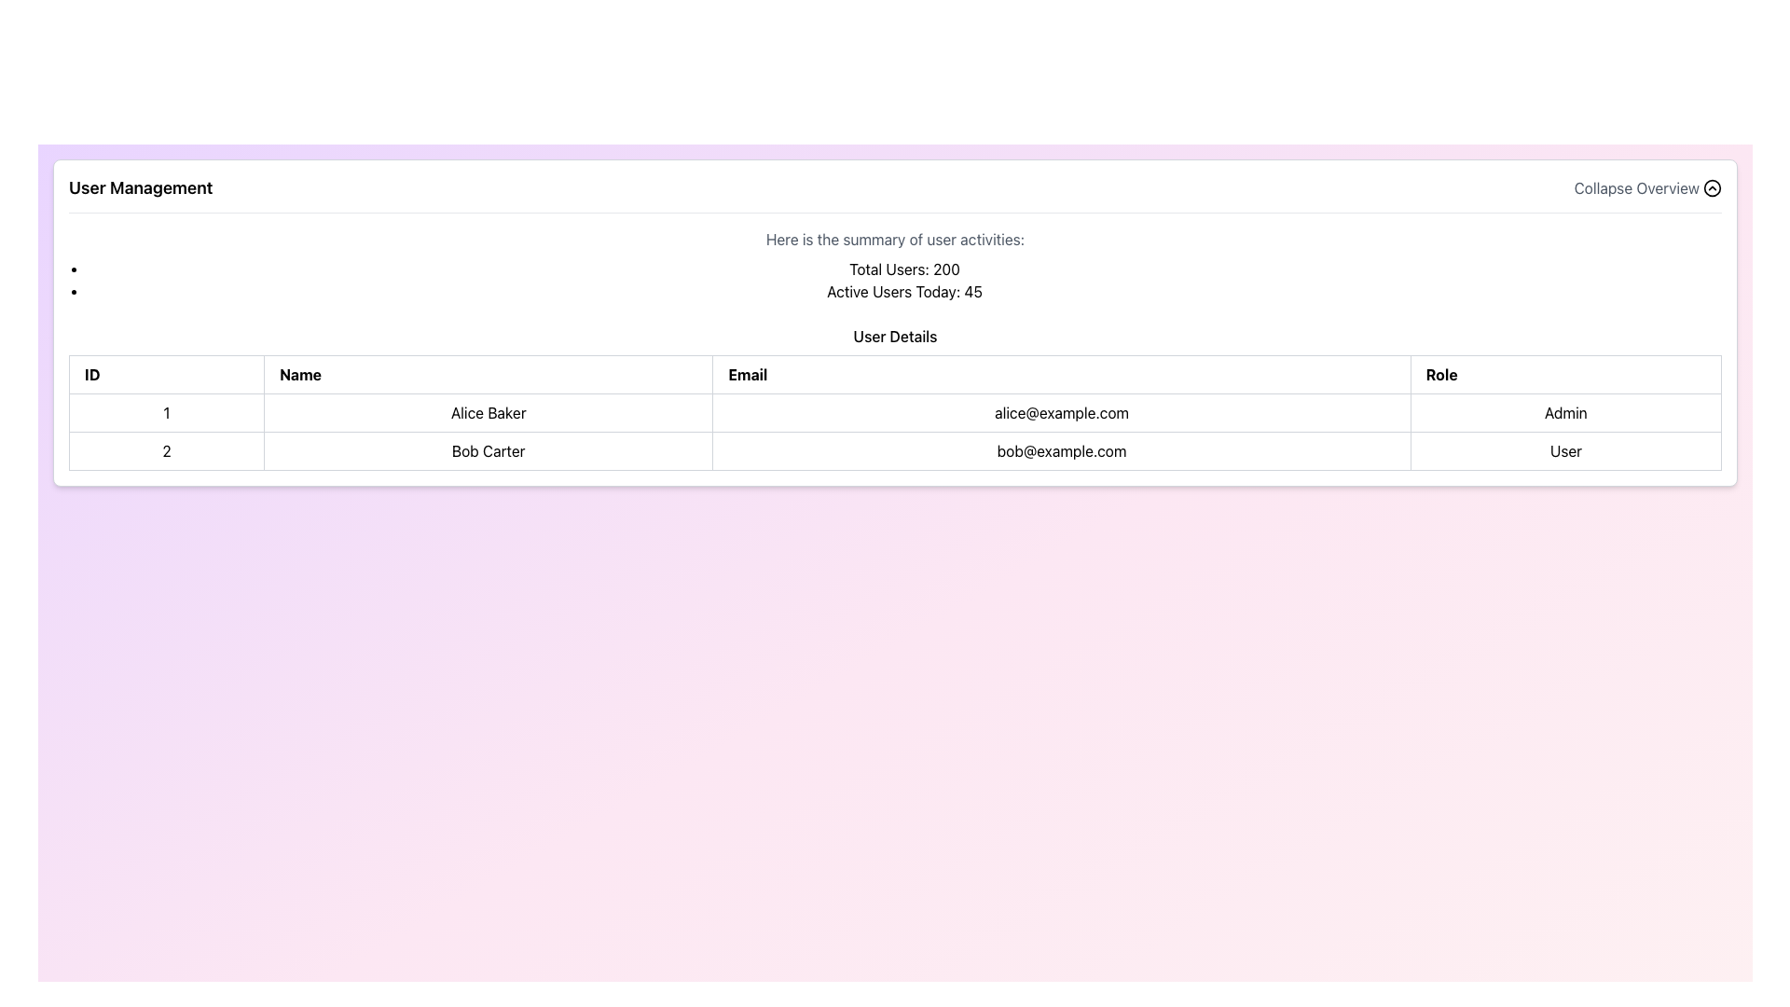 The image size is (1790, 1007). I want to click on the 'Collapse Overview' button located in the top-right corner of the 'User Management' section, so click(1647, 187).